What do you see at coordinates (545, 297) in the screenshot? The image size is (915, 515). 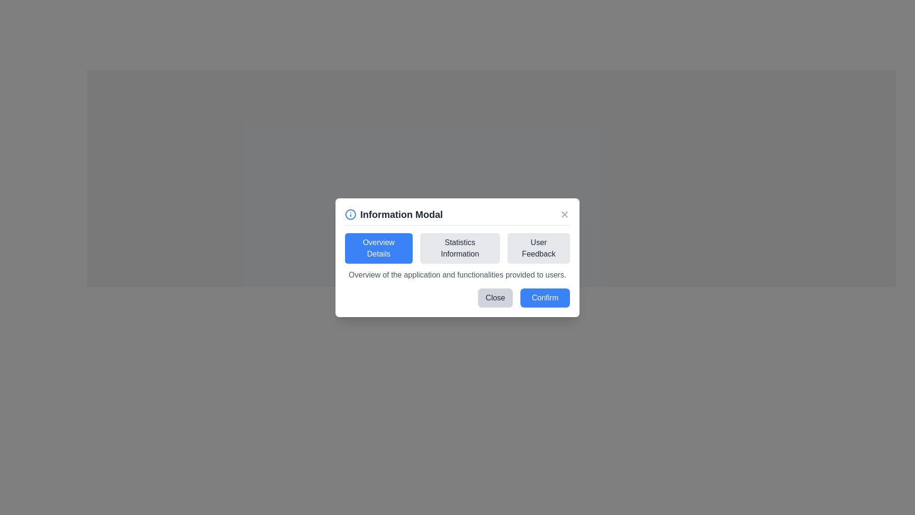 I see `the confirm button located in the modal footer on the right side, adjacent to the 'Close' button, to confirm the action` at bounding box center [545, 297].